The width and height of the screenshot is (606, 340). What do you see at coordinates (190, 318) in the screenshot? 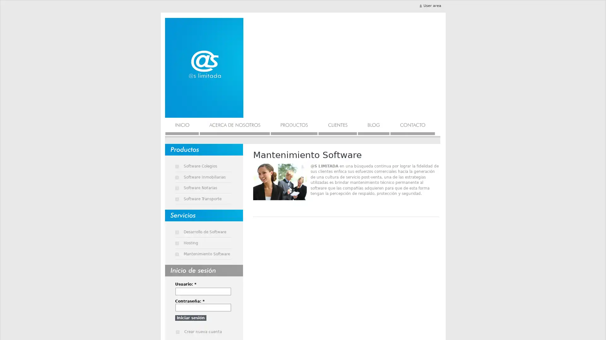
I see `Iniciar sesion` at bounding box center [190, 318].